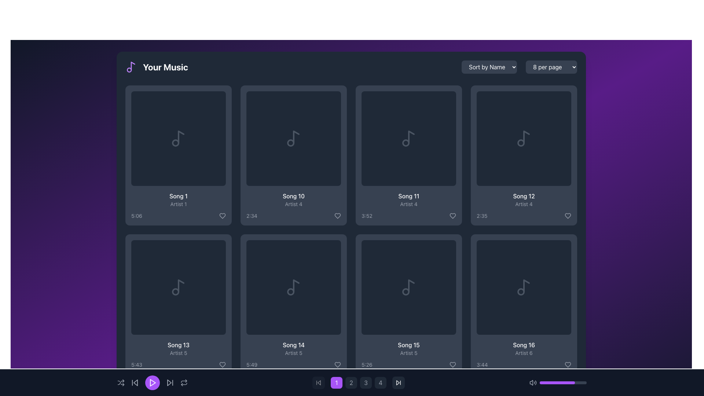  What do you see at coordinates (398, 382) in the screenshot?
I see `the forward skip button, which is a small icon with a white arrow on a dark gray background located at the bottom-center of the interface` at bounding box center [398, 382].